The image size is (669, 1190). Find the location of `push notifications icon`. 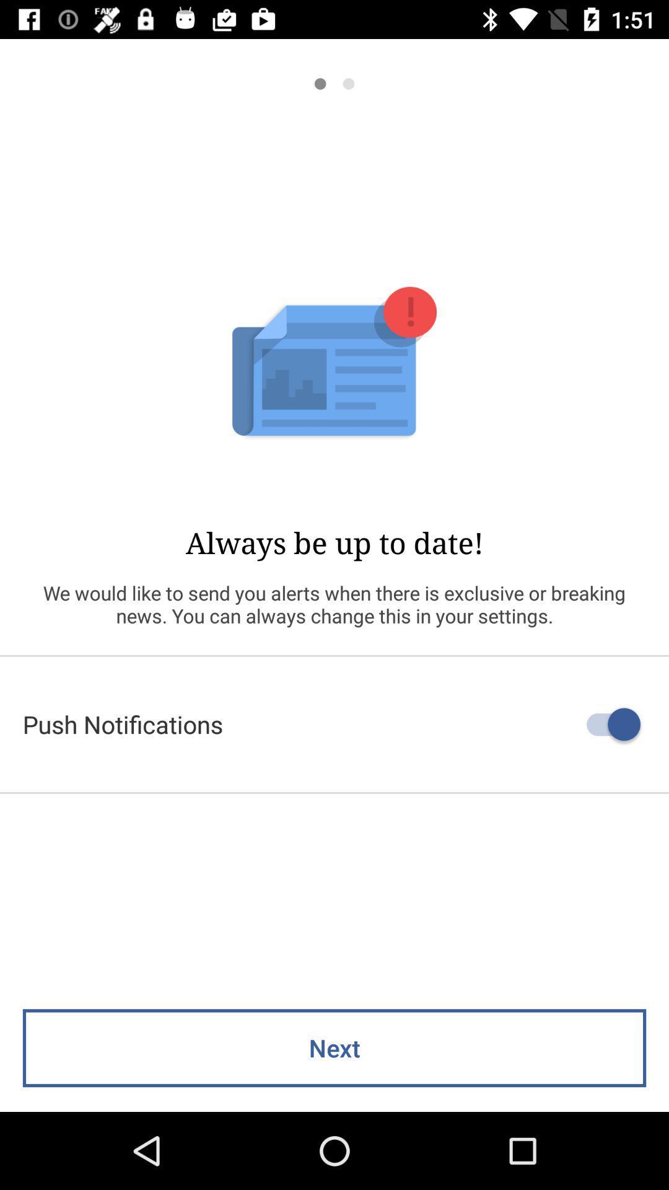

push notifications icon is located at coordinates (334, 724).